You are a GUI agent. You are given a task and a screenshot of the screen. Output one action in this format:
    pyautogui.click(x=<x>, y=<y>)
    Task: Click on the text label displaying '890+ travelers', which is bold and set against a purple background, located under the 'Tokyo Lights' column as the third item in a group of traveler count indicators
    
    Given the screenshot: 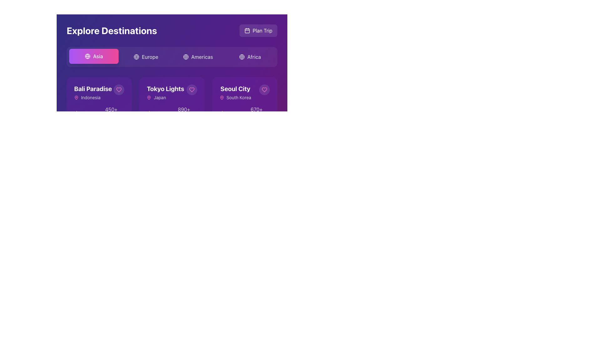 What is the action you would take?
    pyautogui.click(x=183, y=113)
    